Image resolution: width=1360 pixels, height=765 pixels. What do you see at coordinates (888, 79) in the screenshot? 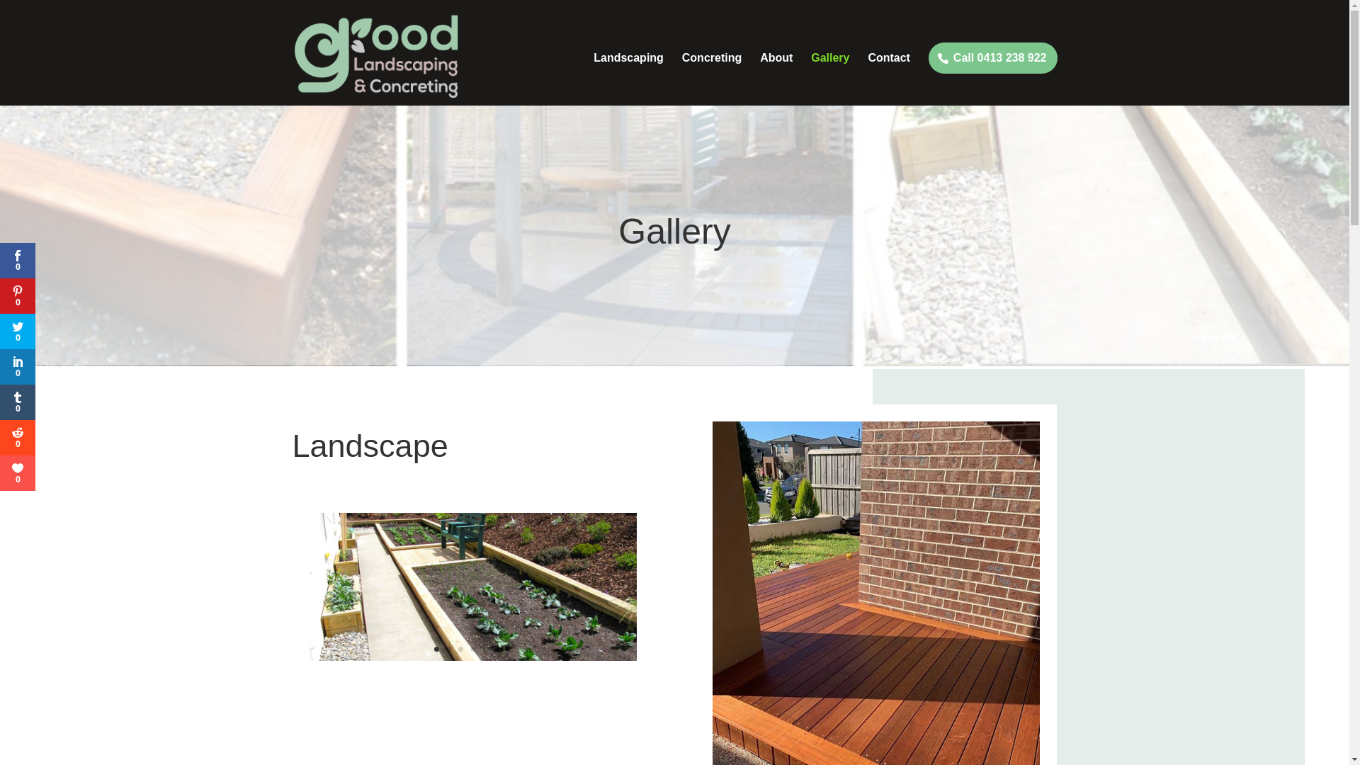
I see `'Contact'` at bounding box center [888, 79].